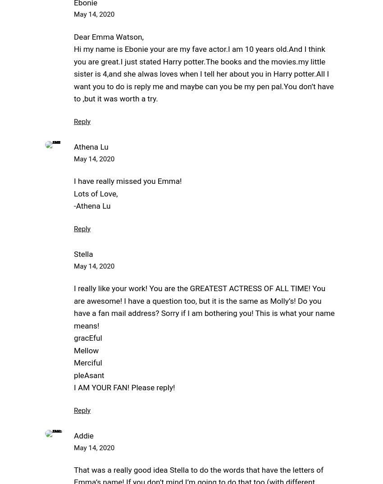  Describe the element at coordinates (91, 205) in the screenshot. I see `'-Athena Lu'` at that location.